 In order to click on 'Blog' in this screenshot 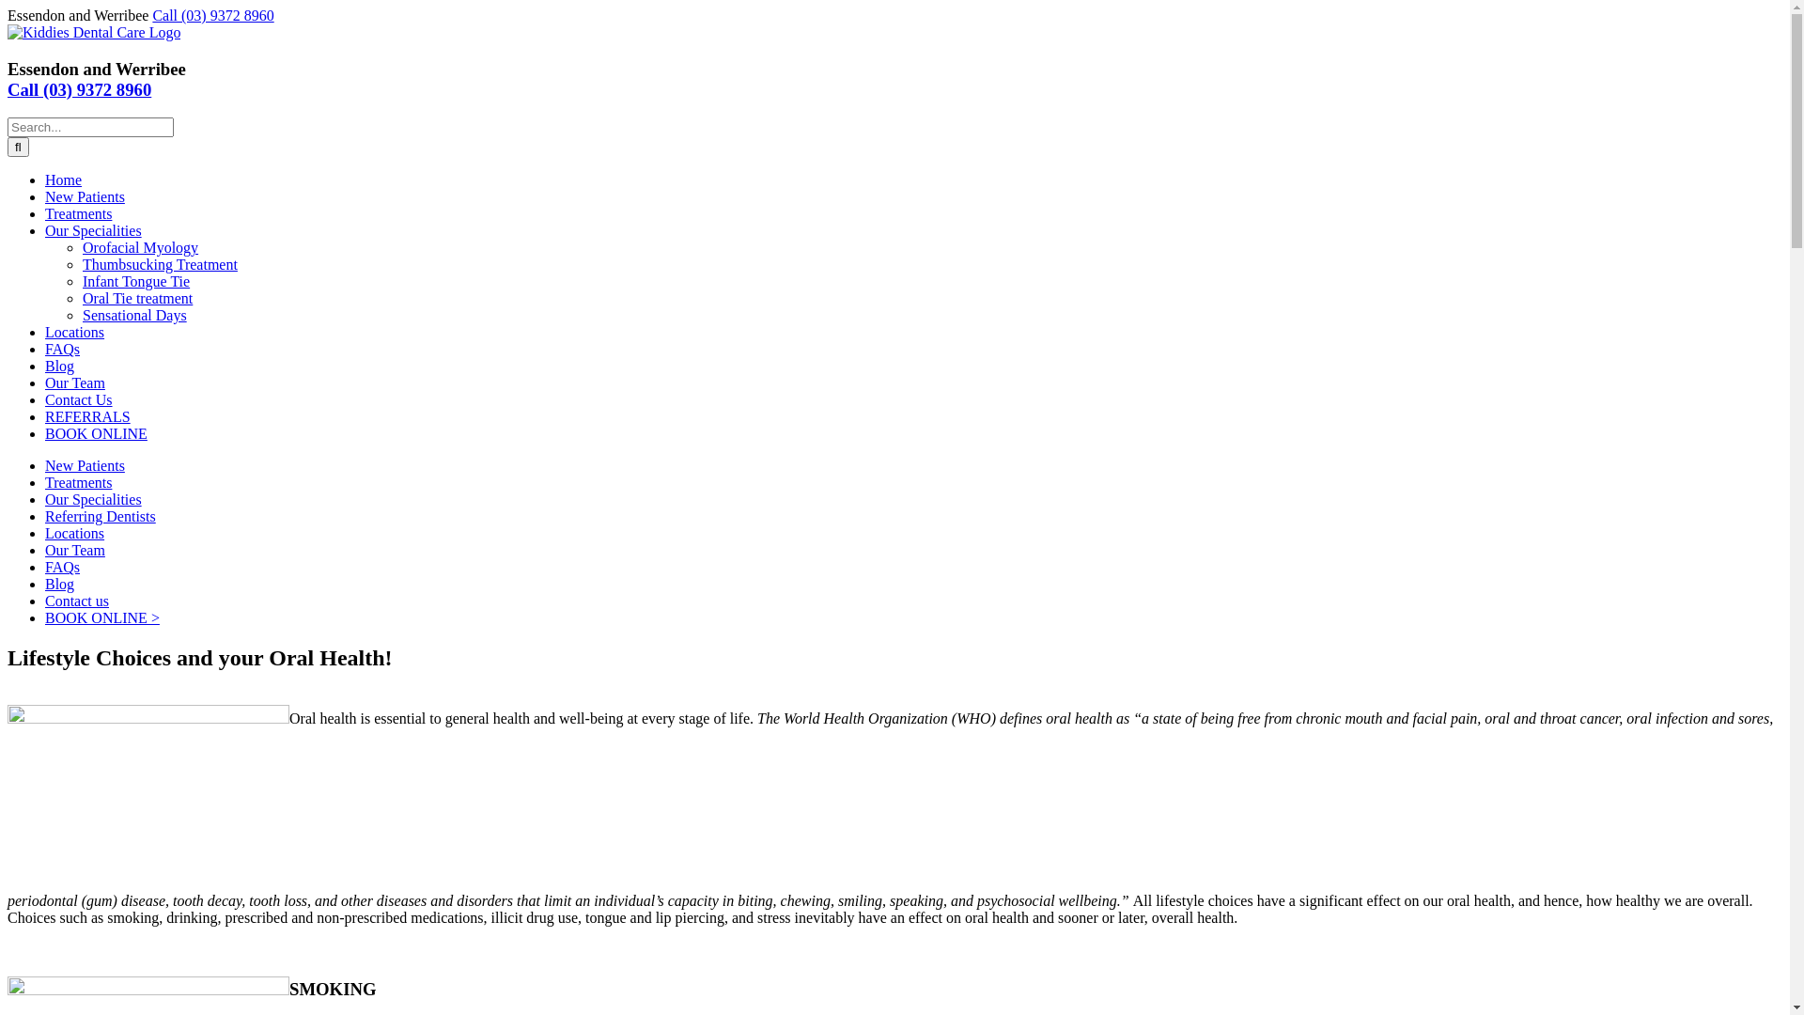, I will do `click(59, 583)`.